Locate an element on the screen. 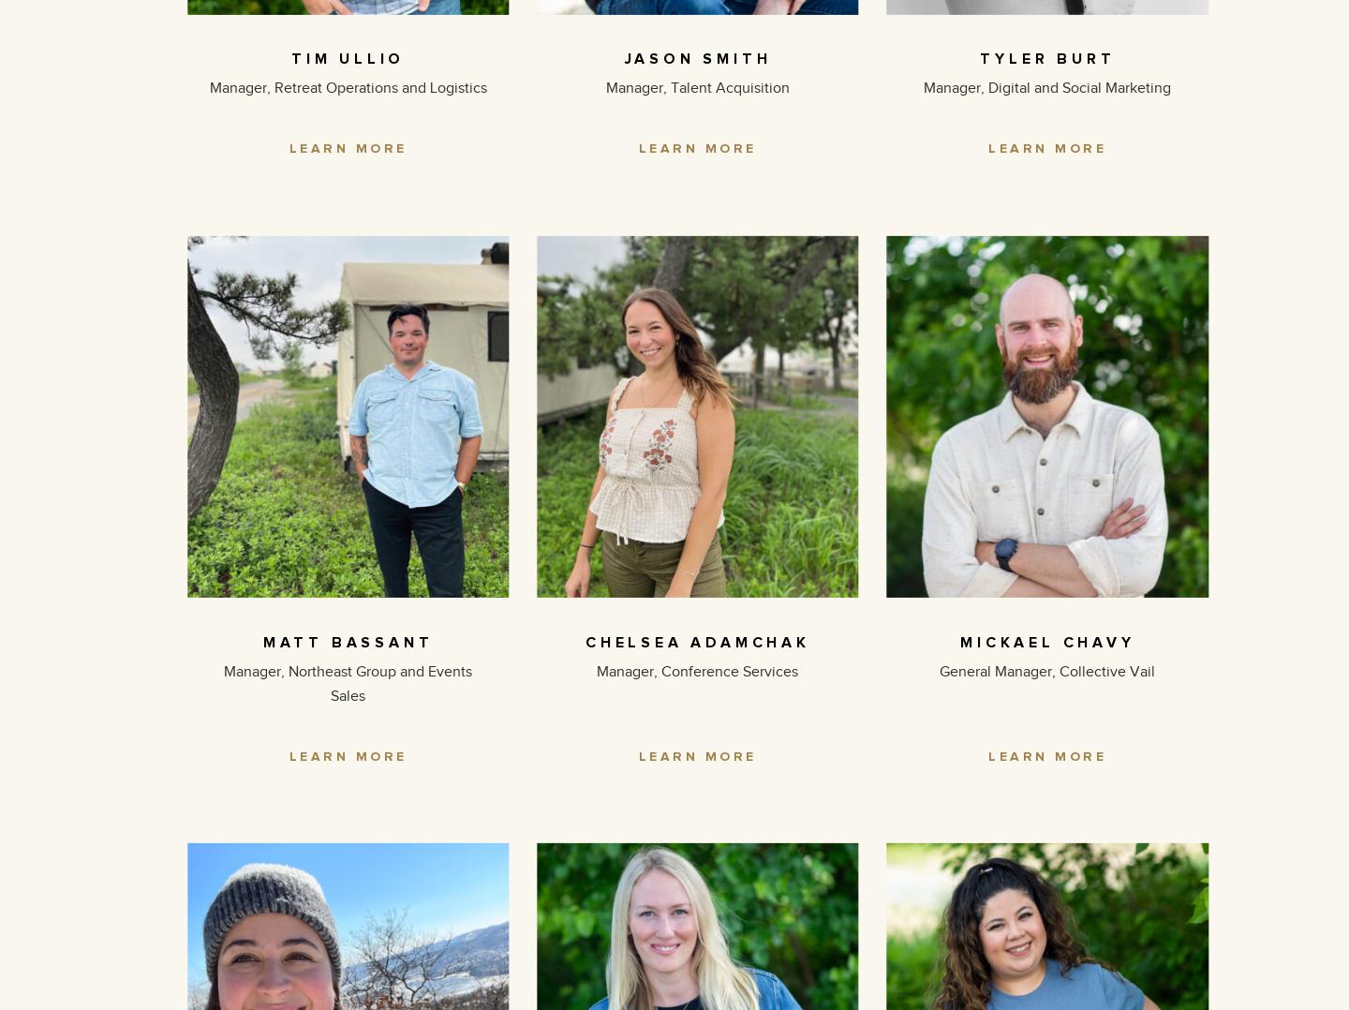 The image size is (1349, 1010). 'TYLER BURT' is located at coordinates (1046, 58).